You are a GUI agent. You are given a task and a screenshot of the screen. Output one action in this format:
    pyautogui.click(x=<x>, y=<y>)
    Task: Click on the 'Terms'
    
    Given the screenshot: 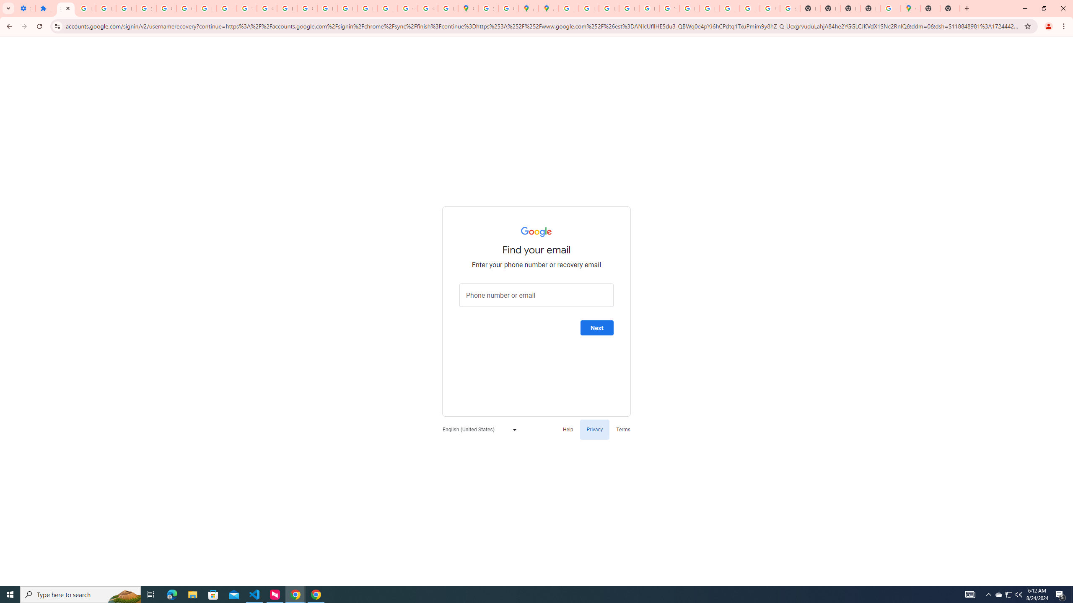 What is the action you would take?
    pyautogui.click(x=623, y=429)
    